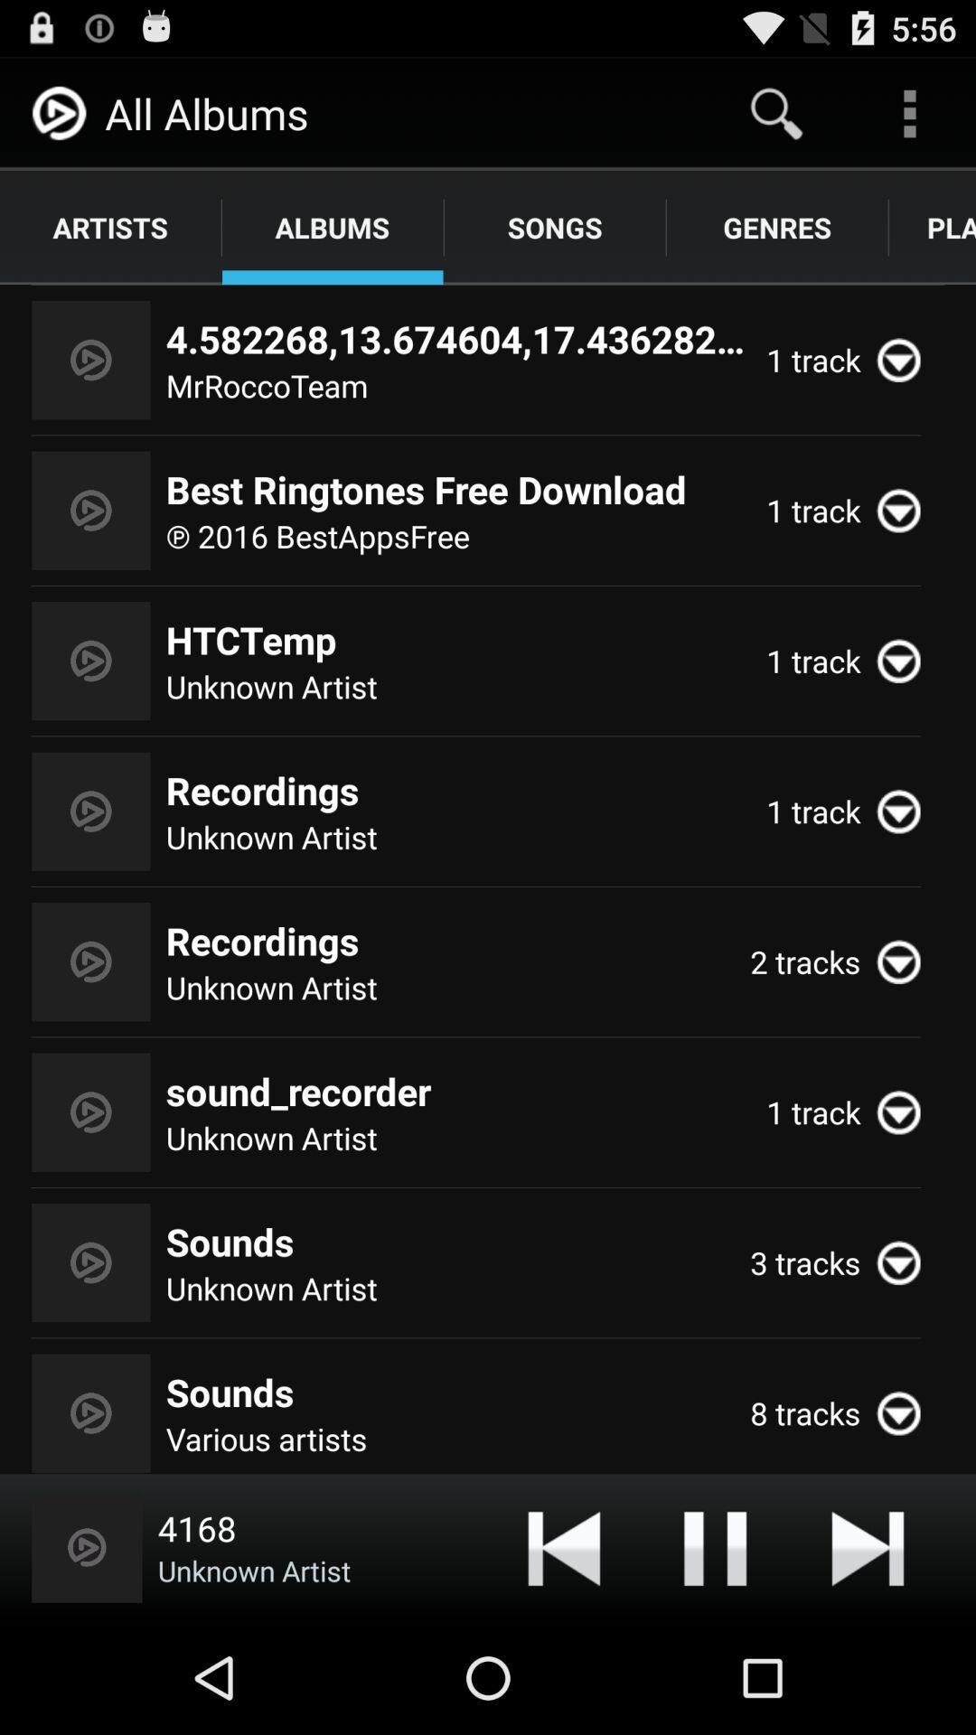 The height and width of the screenshot is (1735, 976). What do you see at coordinates (775, 112) in the screenshot?
I see `the search icon on the top right of the web page` at bounding box center [775, 112].